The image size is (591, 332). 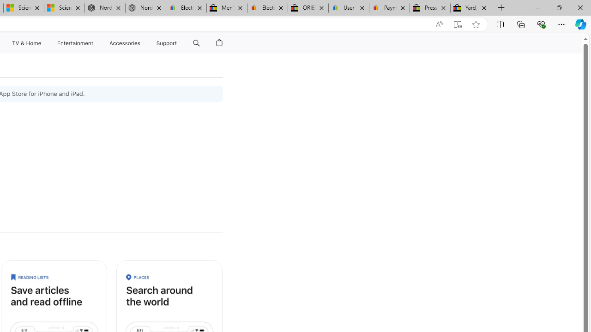 I want to click on 'Entertainment menu', so click(x=95, y=43).